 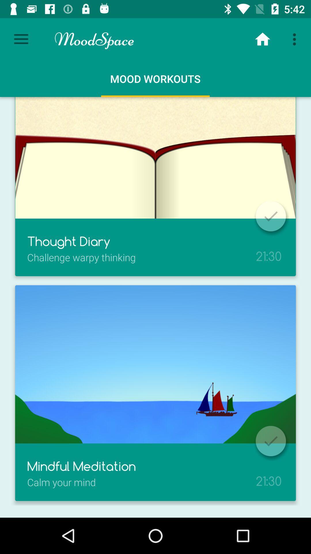 I want to click on confirm the selection, so click(x=271, y=216).